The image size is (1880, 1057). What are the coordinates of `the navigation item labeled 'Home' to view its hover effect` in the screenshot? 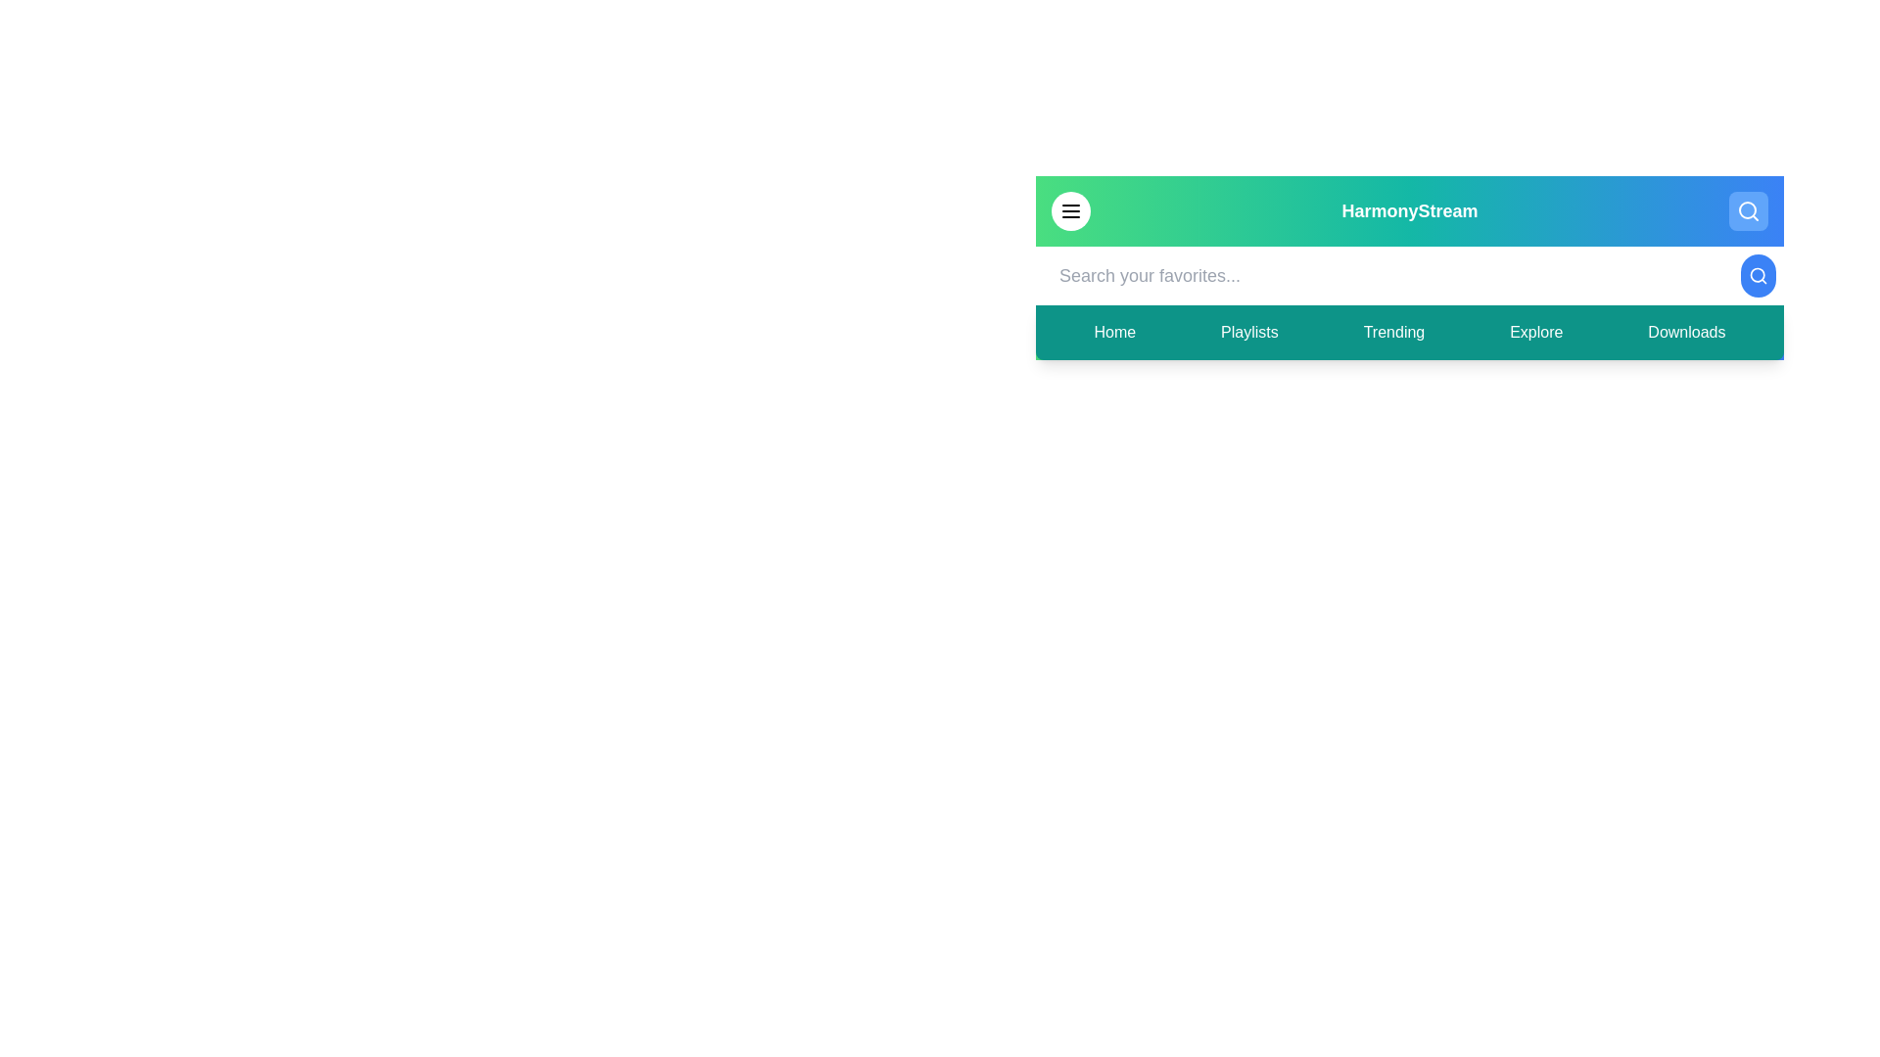 It's located at (1113, 331).